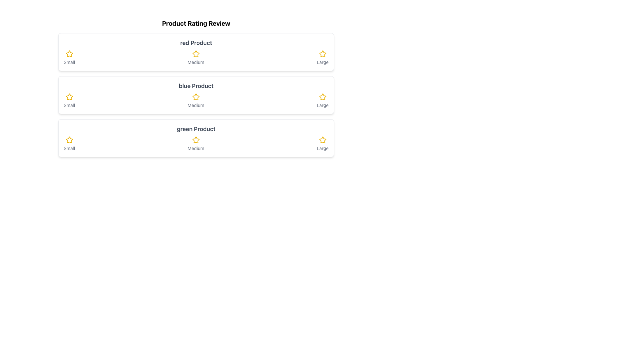 This screenshot has width=618, height=347. I want to click on the yellow outlined hollow star icon associated with the 'Medium' rating in the first rating group of the 'red Product' section, so click(195, 53).